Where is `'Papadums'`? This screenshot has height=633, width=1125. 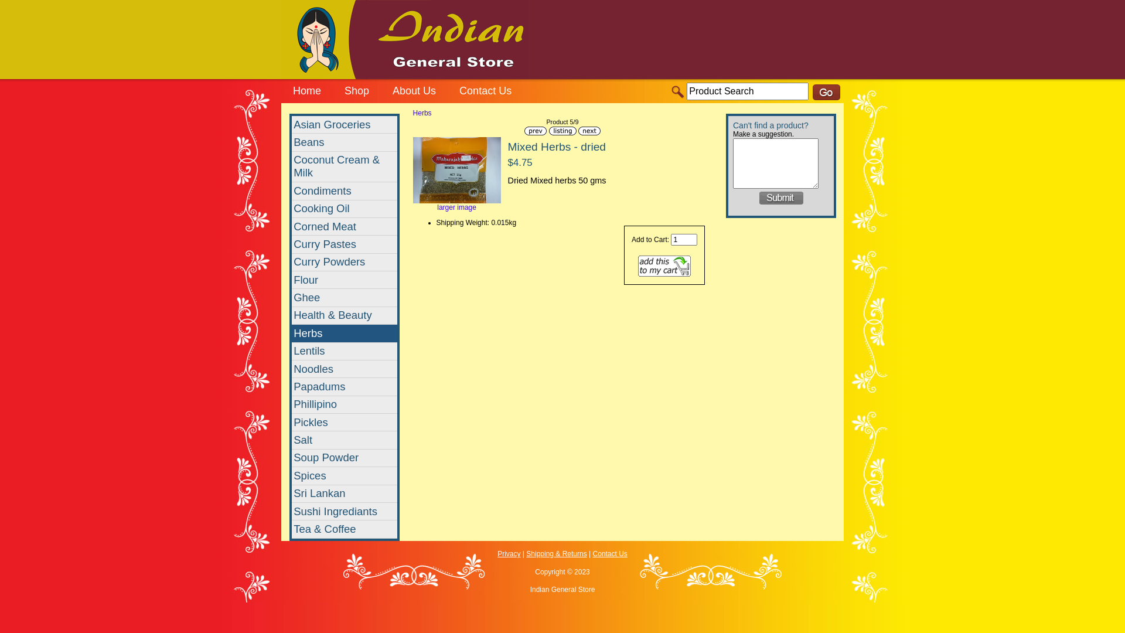 'Papadums' is located at coordinates (344, 386).